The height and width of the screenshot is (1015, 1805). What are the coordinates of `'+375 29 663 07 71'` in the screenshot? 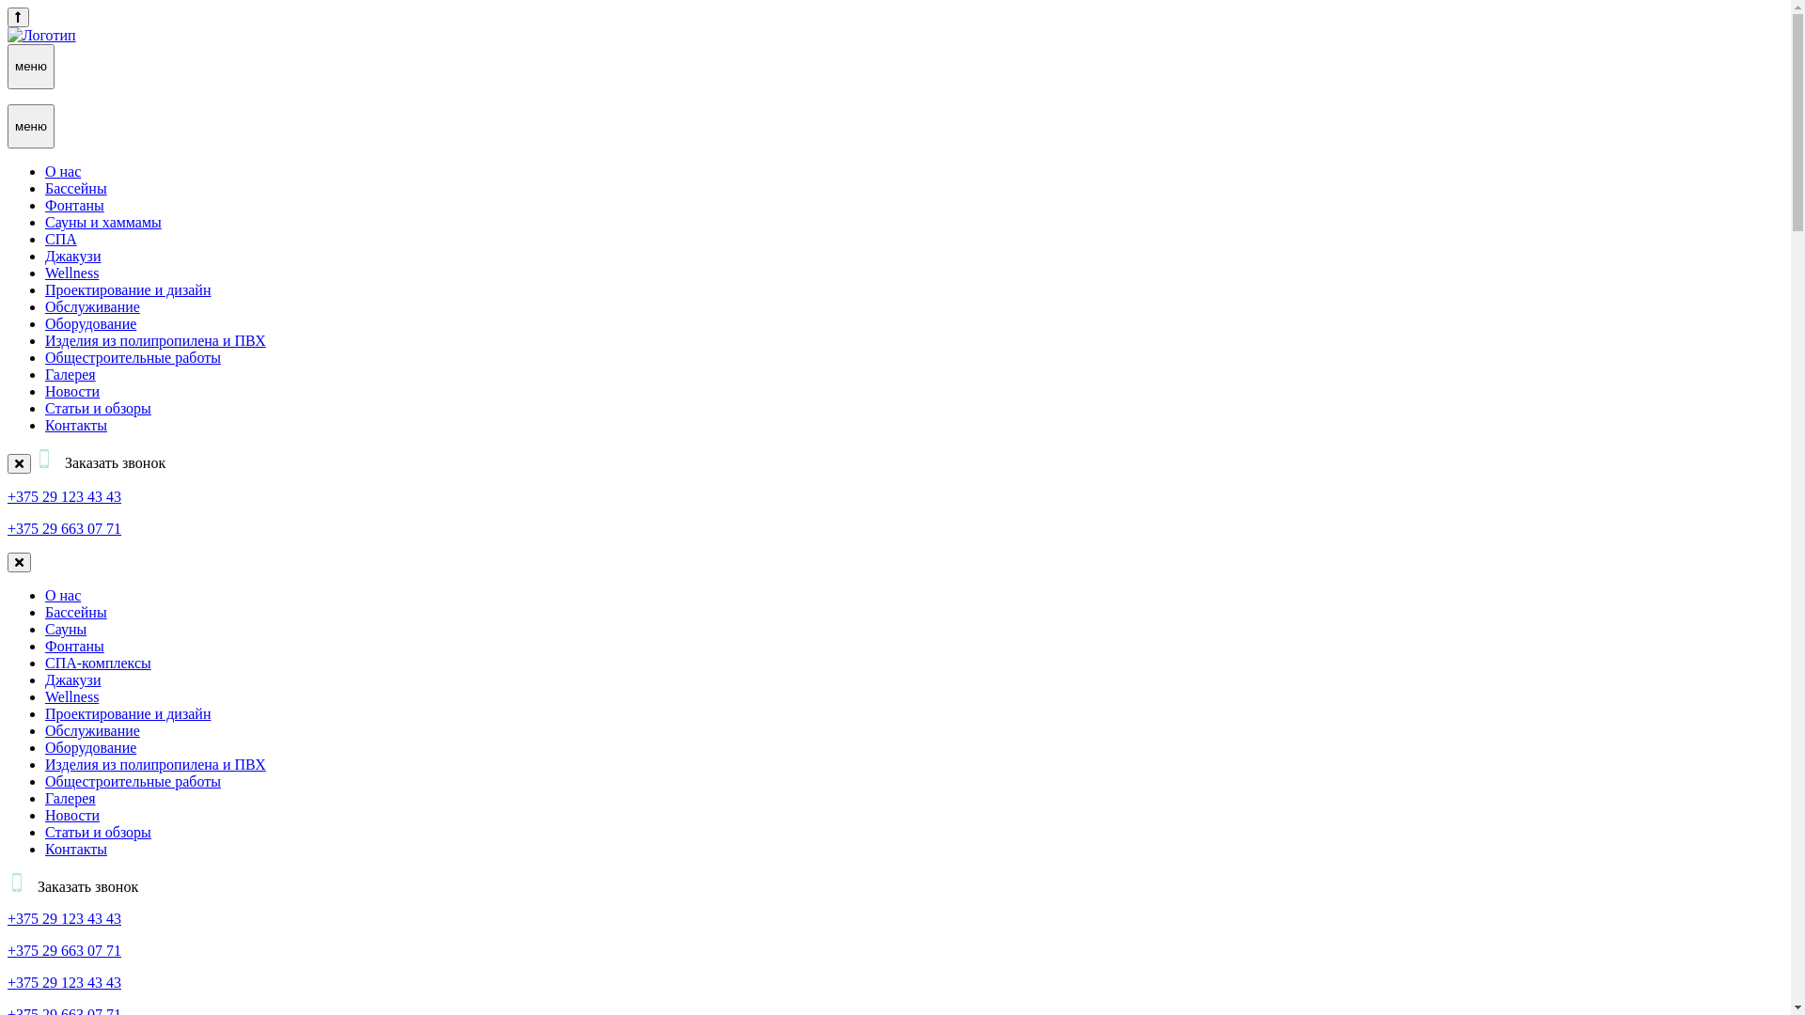 It's located at (8, 950).